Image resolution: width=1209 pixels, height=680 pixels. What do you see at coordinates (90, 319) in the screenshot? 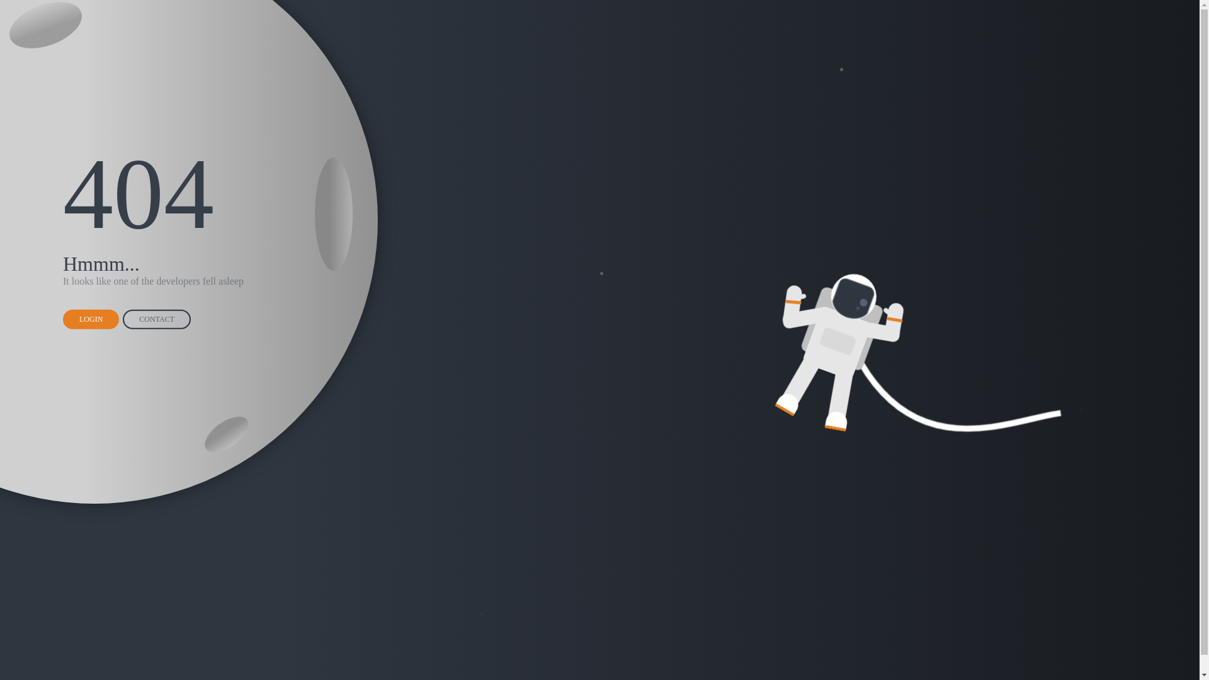
I see `'LOGIN'` at bounding box center [90, 319].